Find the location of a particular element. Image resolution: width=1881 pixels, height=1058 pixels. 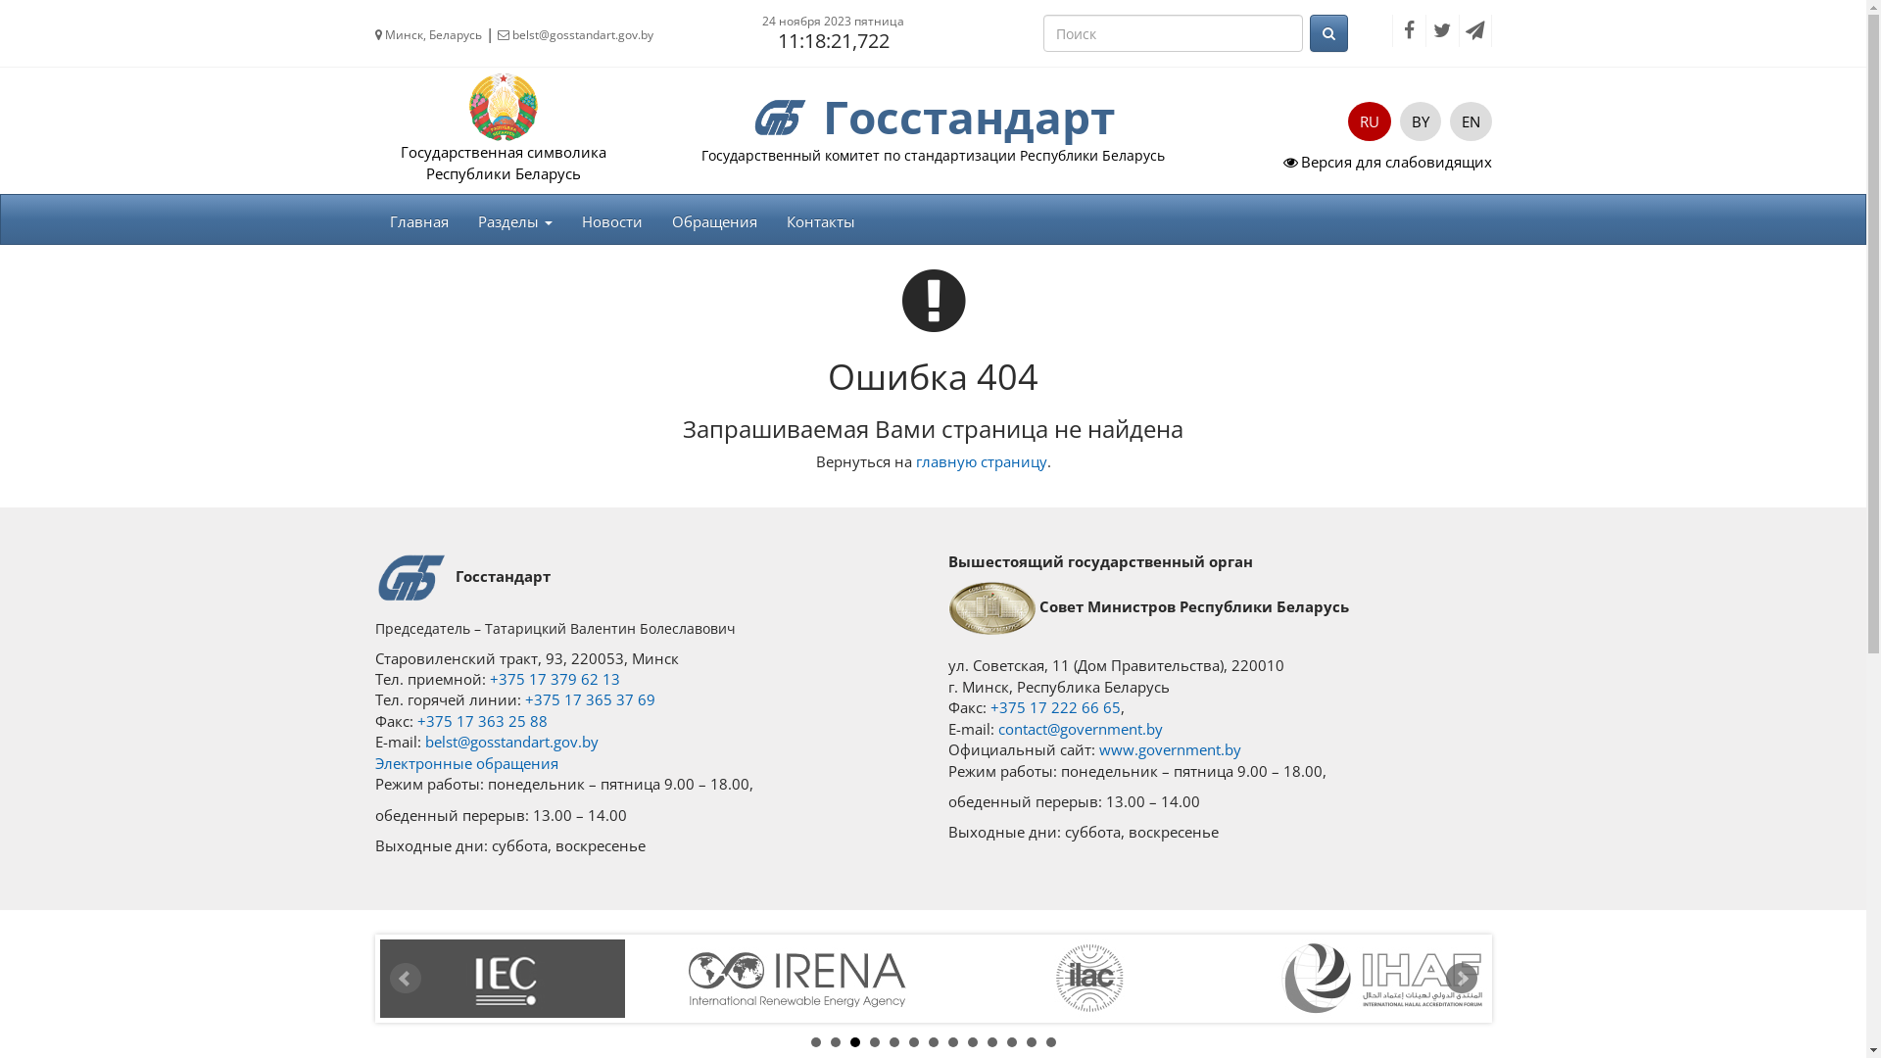

'www.government.by' is located at coordinates (1170, 748).